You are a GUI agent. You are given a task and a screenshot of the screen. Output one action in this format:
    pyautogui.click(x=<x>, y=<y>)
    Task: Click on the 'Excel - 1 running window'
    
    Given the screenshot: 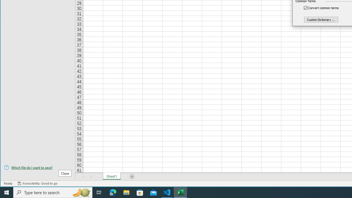 What is the action you would take?
    pyautogui.click(x=180, y=192)
    